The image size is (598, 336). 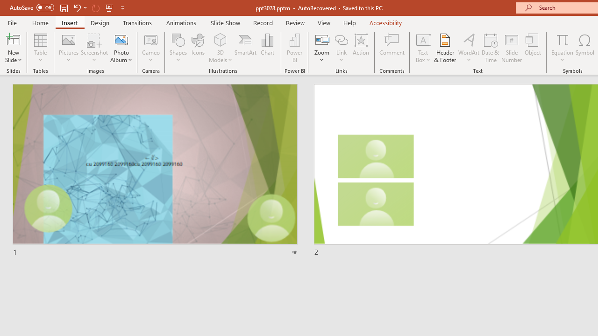 What do you see at coordinates (533, 48) in the screenshot?
I see `'Object...'` at bounding box center [533, 48].